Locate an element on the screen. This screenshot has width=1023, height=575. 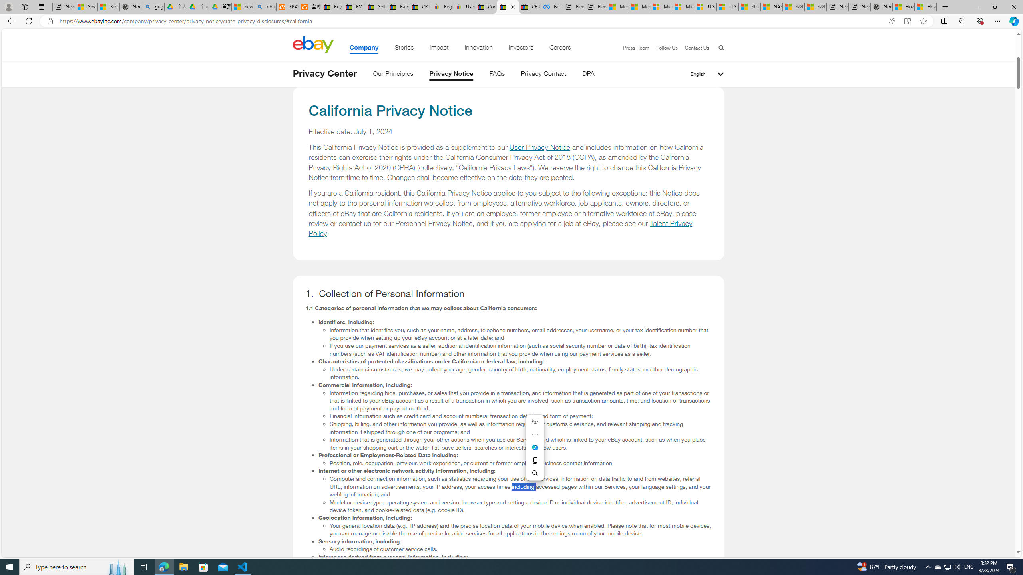
'Mini menu on text selection' is located at coordinates (534, 452).